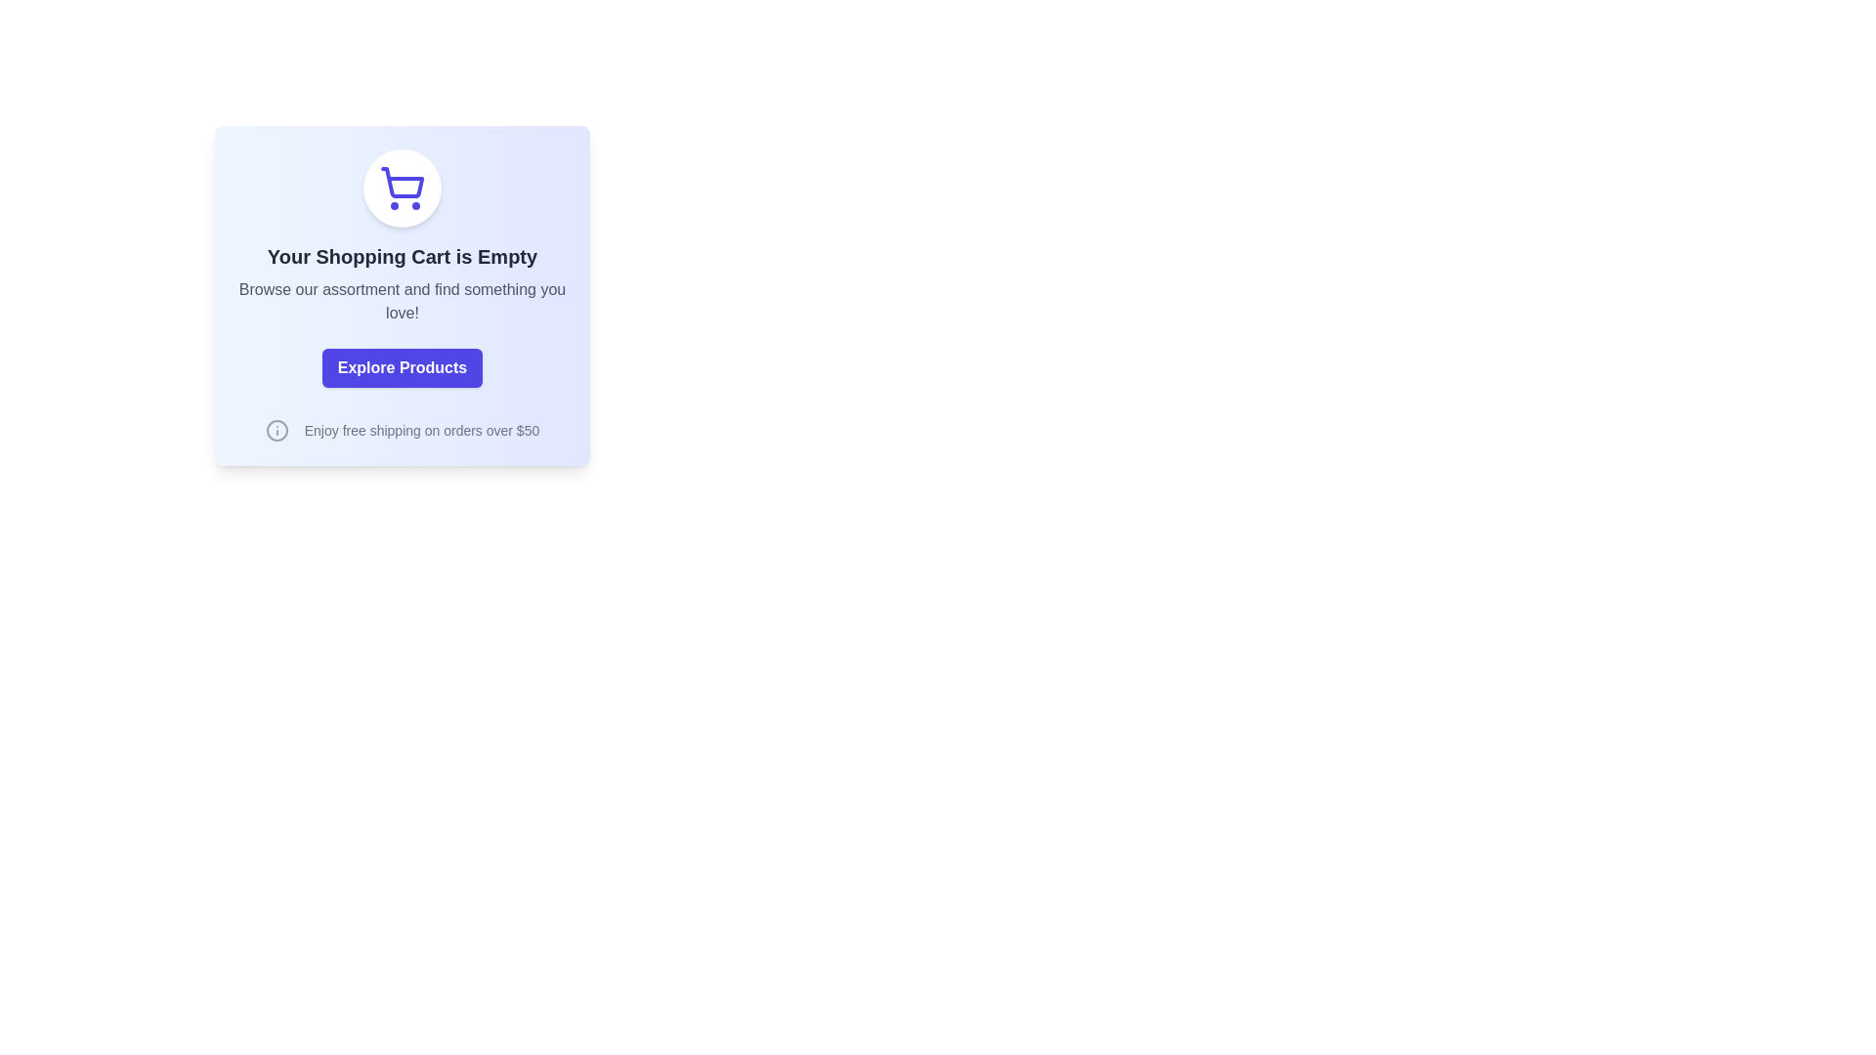 Image resolution: width=1876 pixels, height=1055 pixels. What do you see at coordinates (402, 368) in the screenshot?
I see `the product catalog button located below the text 'Browse our assortment and find something you love!'` at bounding box center [402, 368].